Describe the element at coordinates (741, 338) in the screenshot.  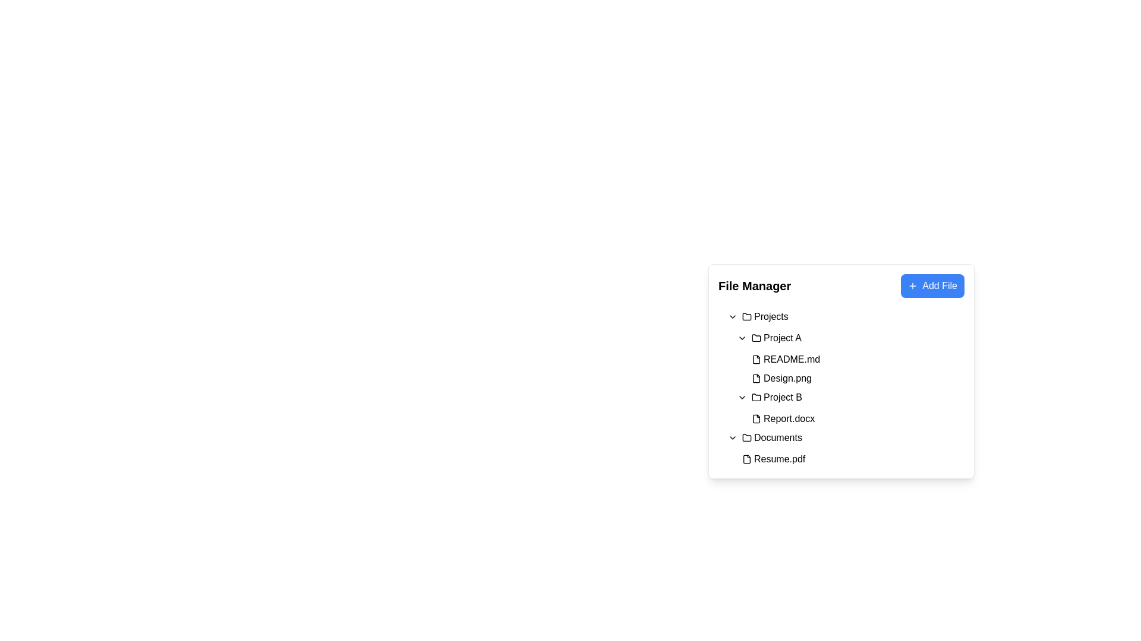
I see `the downward-pointing chevron icon next to 'Project A'` at that location.